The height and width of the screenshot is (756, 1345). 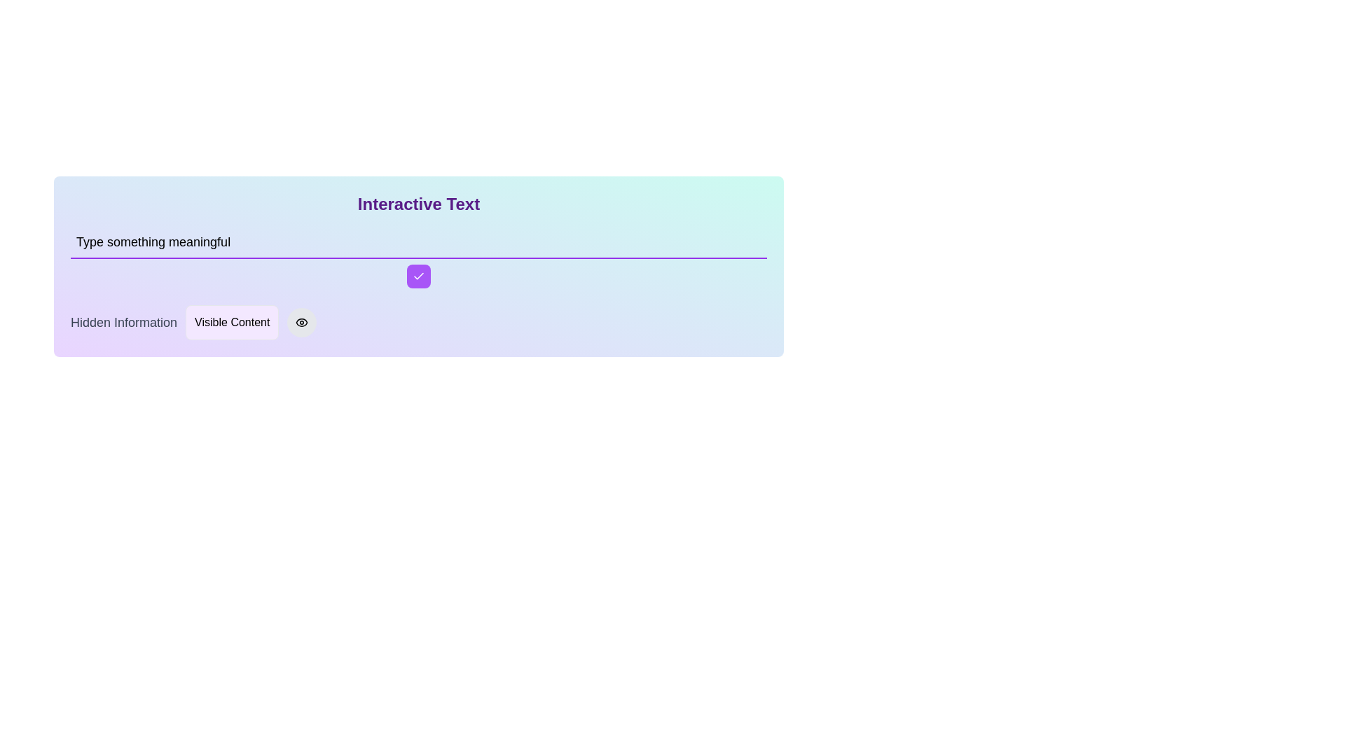 What do you see at coordinates (418, 276) in the screenshot?
I see `the purple button with a white checkmark icon to change its appearance` at bounding box center [418, 276].